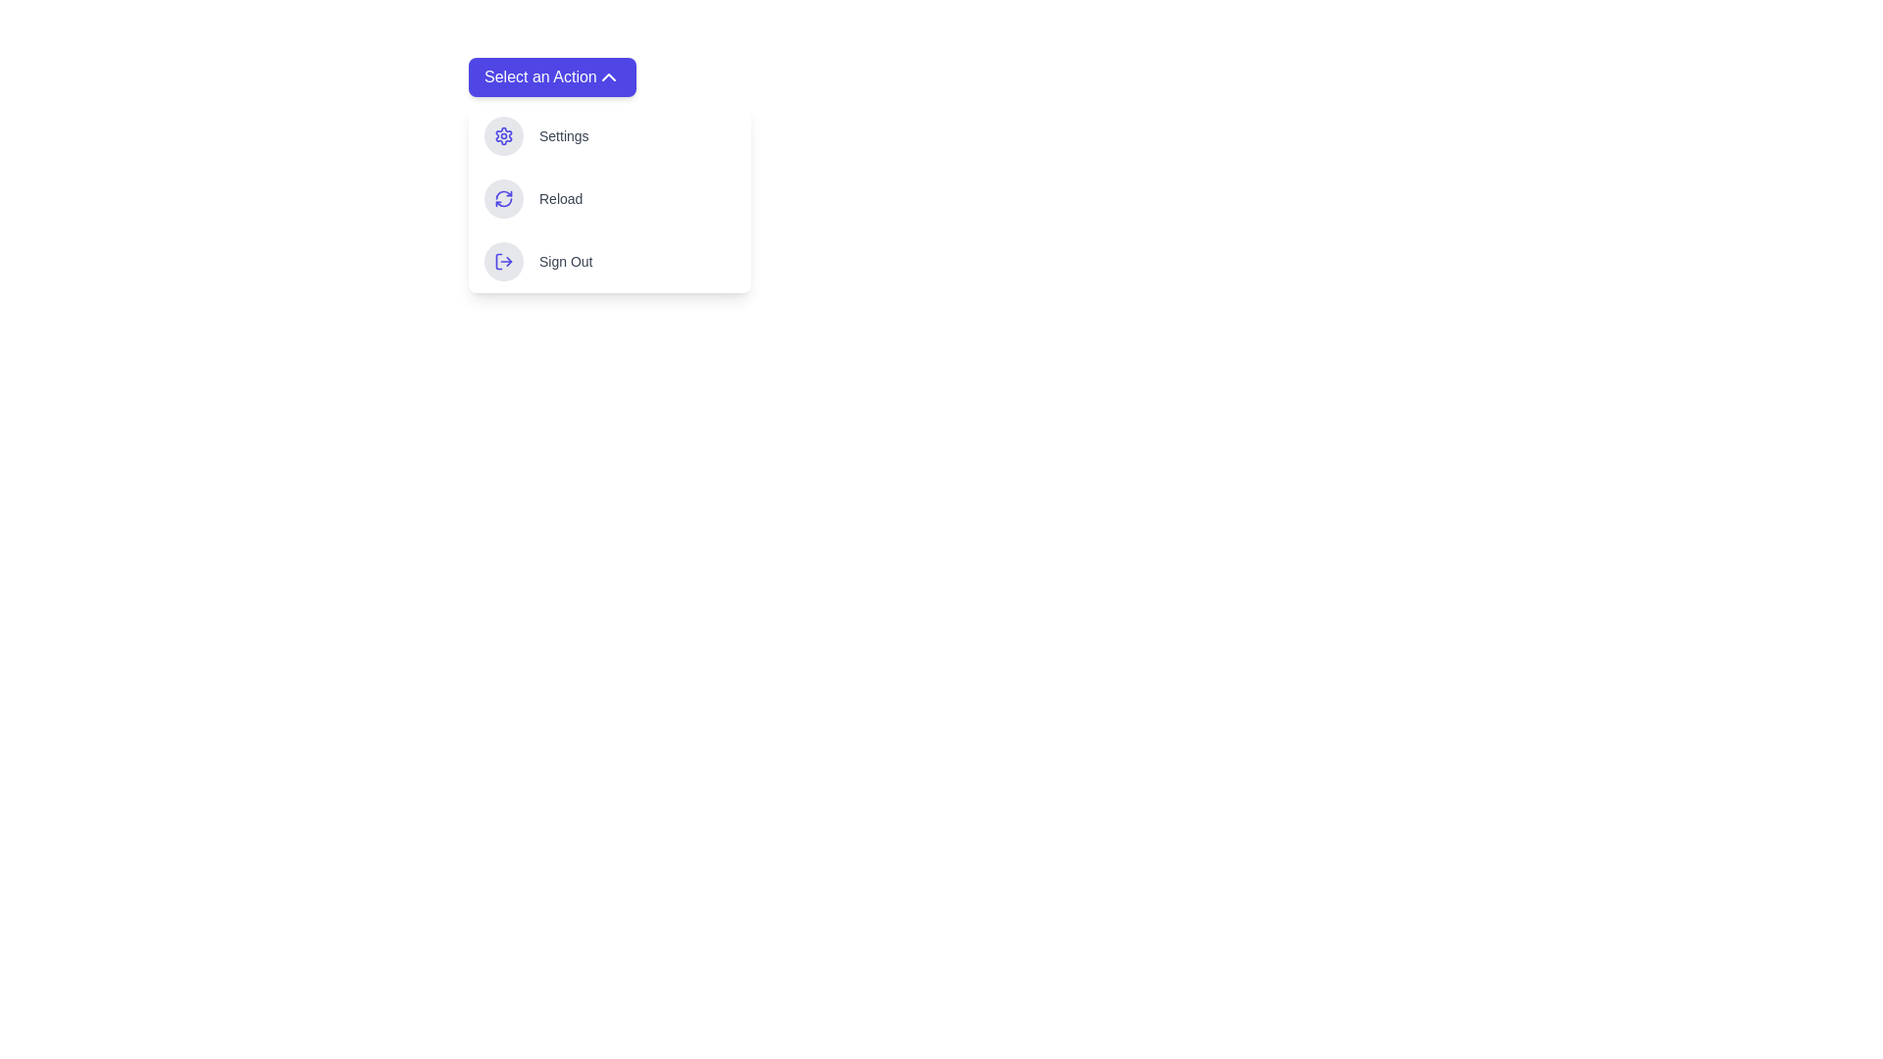 The image size is (1883, 1059). Describe the element at coordinates (609, 199) in the screenshot. I see `the 'Reload' button located in the middle of the menu, which is the second option in a vertical list of three options: 'Settings', 'Reload', and 'Sign Out'` at that location.